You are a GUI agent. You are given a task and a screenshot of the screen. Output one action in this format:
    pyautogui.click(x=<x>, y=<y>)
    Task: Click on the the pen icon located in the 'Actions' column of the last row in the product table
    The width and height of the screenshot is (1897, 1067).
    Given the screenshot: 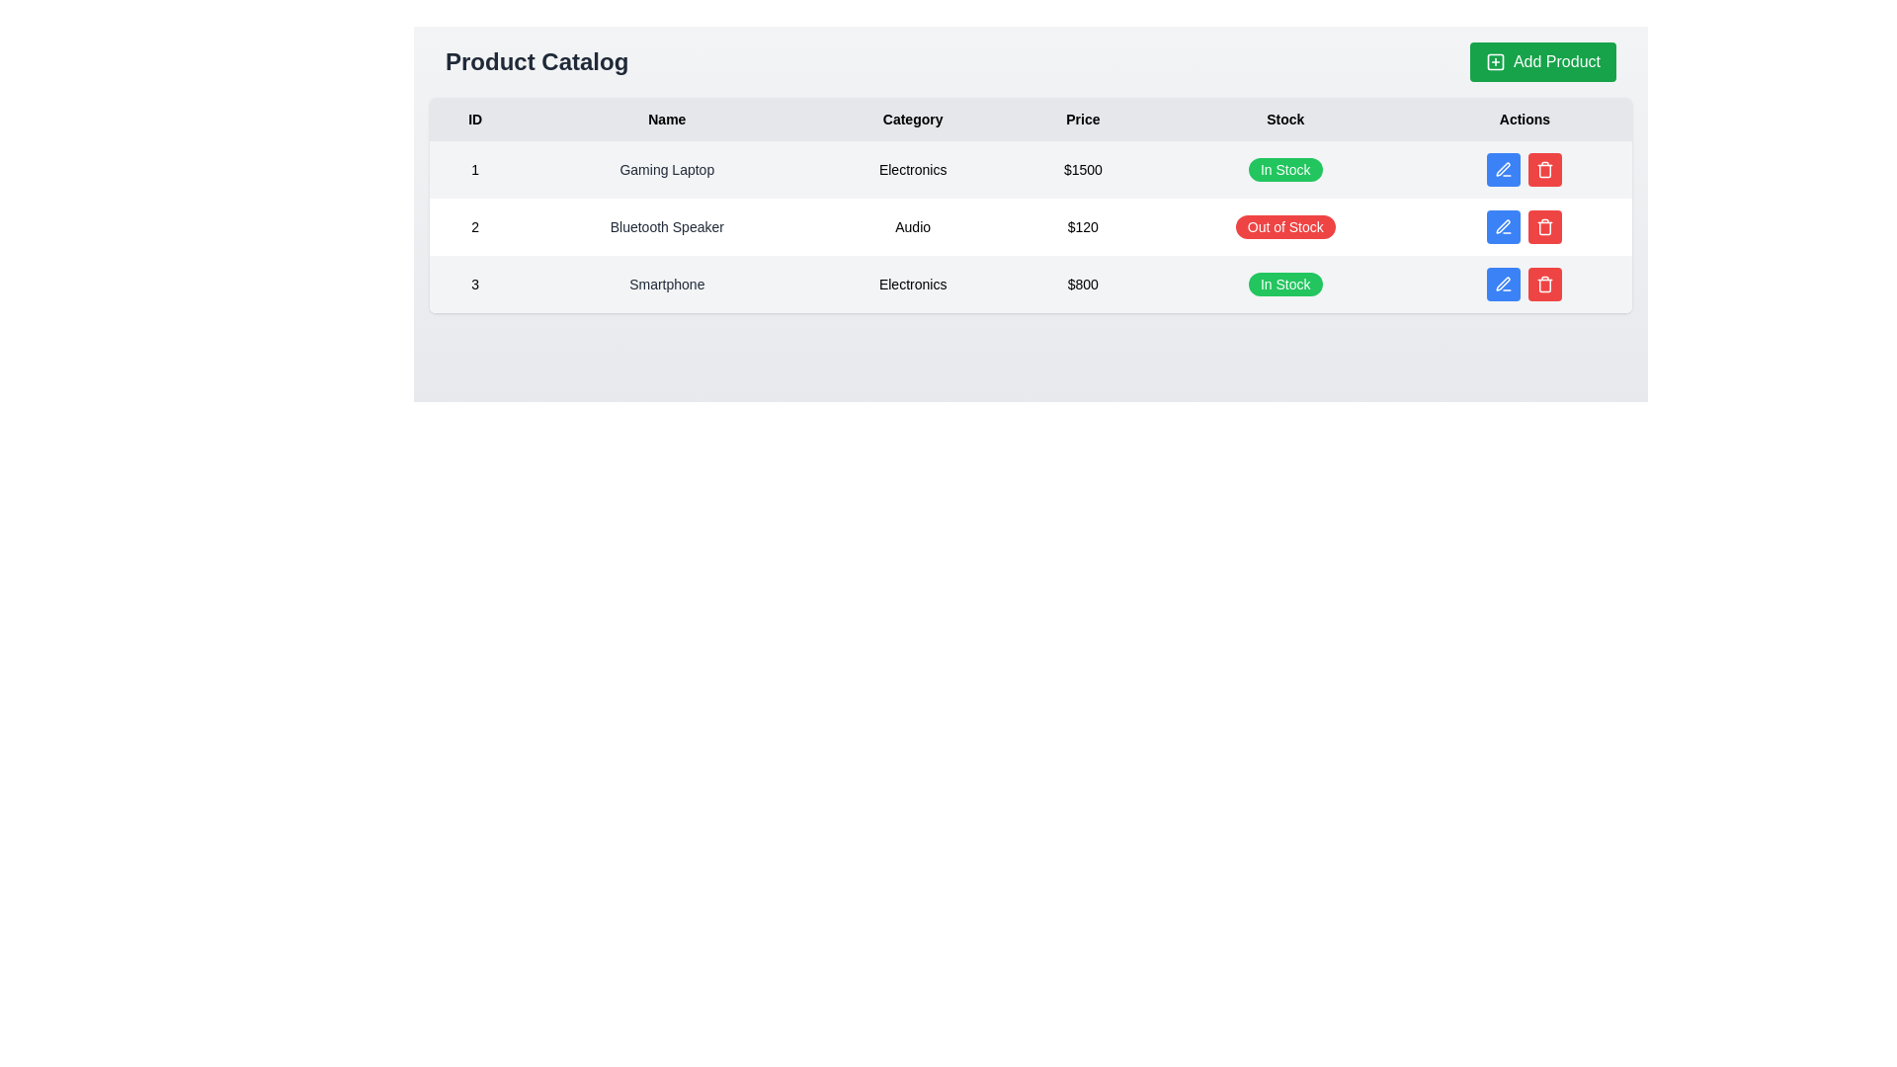 What is the action you would take?
    pyautogui.click(x=1503, y=284)
    